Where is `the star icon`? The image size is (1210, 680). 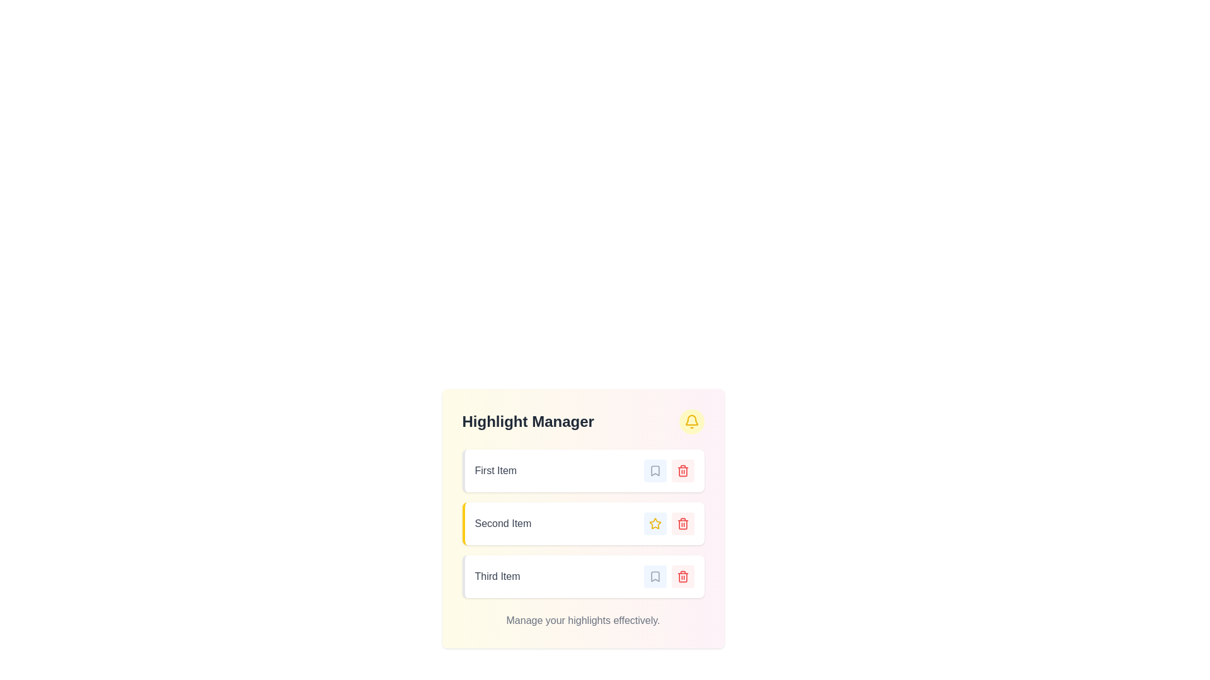
the star icon is located at coordinates (654, 523).